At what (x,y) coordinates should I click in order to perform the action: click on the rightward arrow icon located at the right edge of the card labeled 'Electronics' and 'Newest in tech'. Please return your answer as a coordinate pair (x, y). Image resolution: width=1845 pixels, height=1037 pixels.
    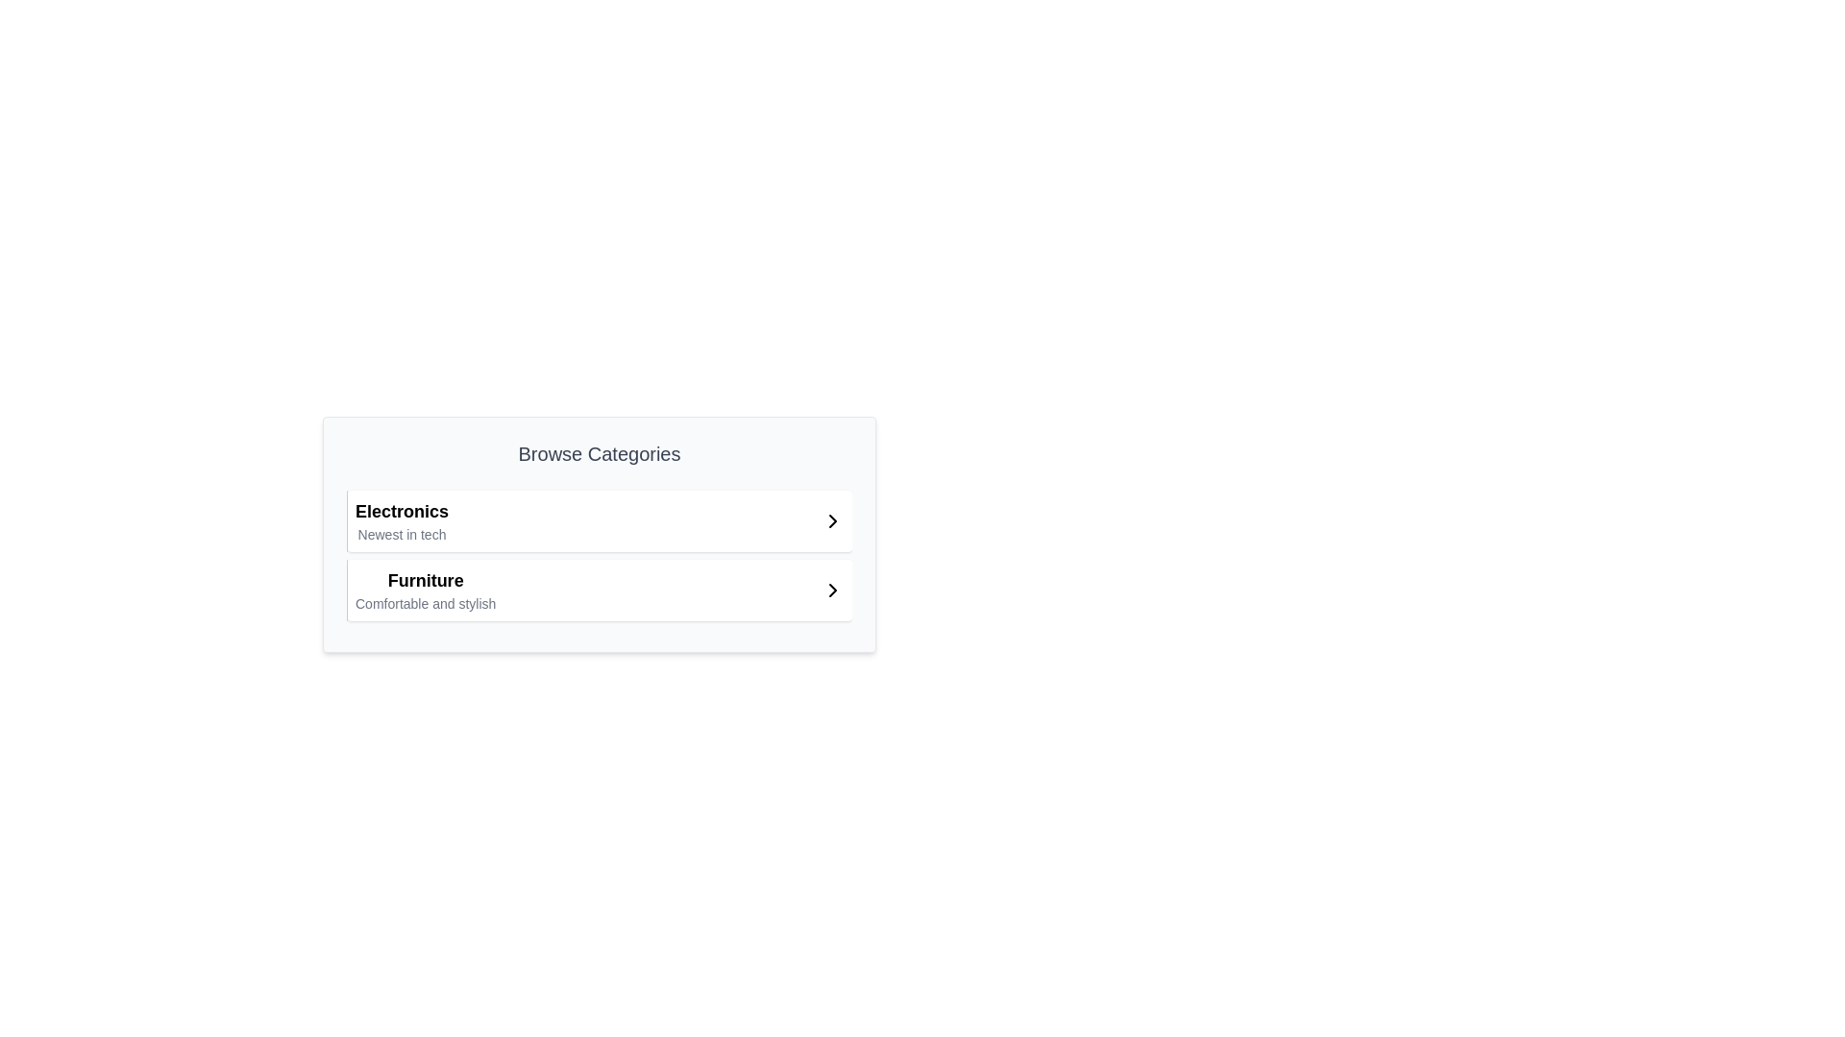
    Looking at the image, I should click on (833, 521).